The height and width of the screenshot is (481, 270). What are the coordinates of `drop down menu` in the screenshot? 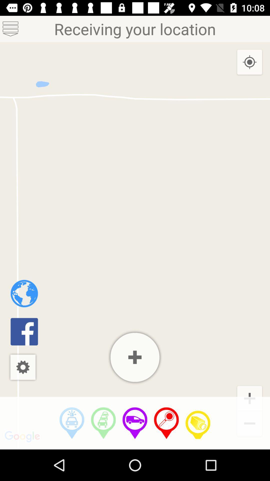 It's located at (10, 29).